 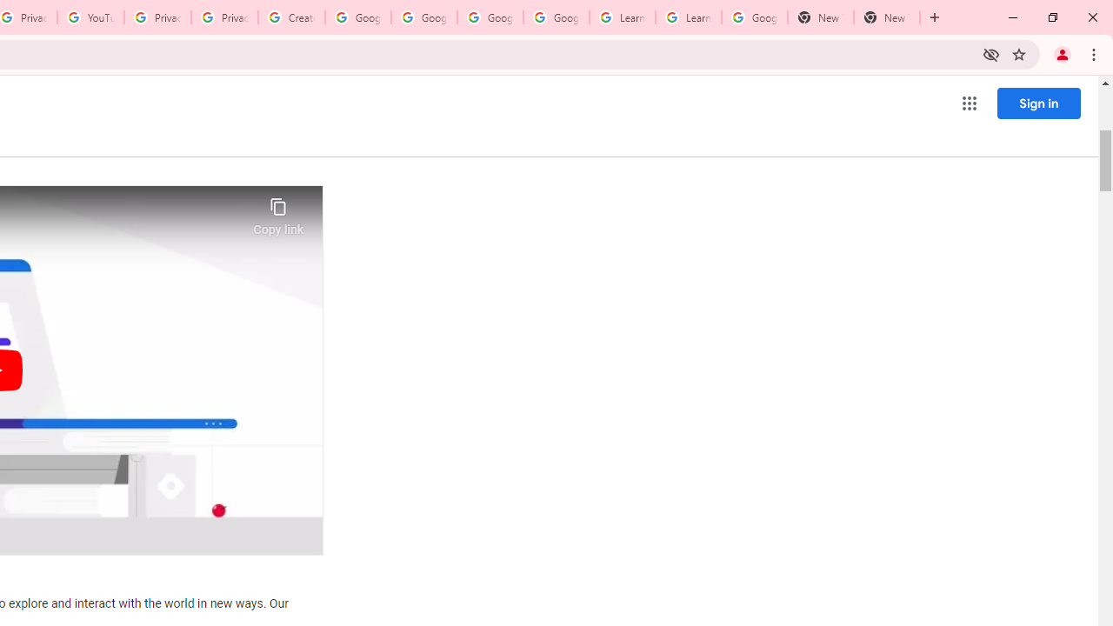 What do you see at coordinates (90, 17) in the screenshot?
I see `'YouTube'` at bounding box center [90, 17].